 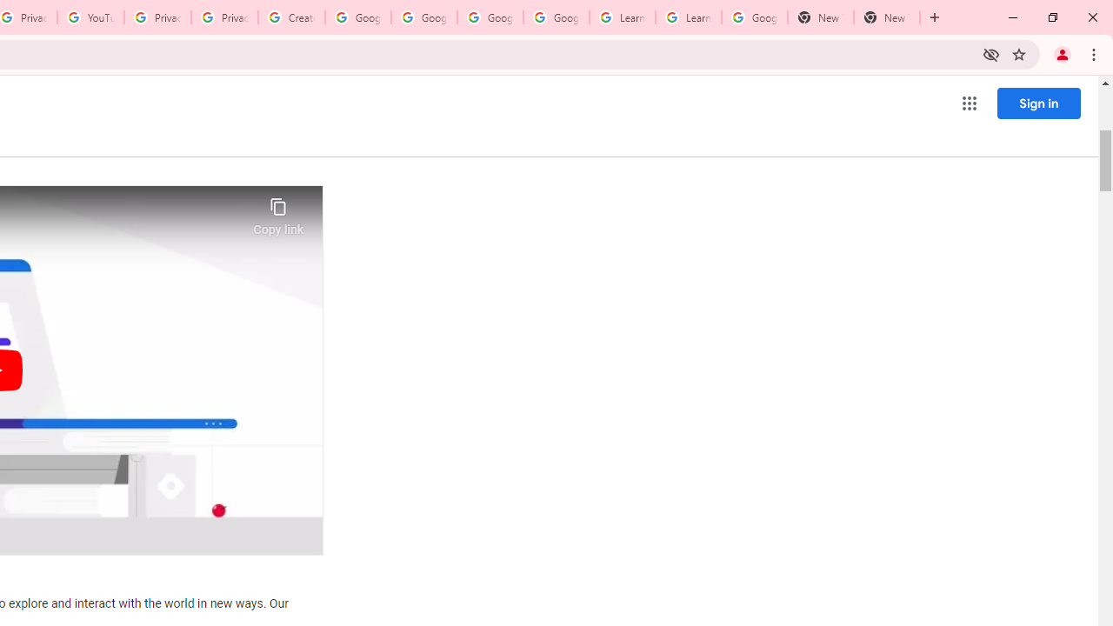 What do you see at coordinates (90, 17) in the screenshot?
I see `'YouTube'` at bounding box center [90, 17].